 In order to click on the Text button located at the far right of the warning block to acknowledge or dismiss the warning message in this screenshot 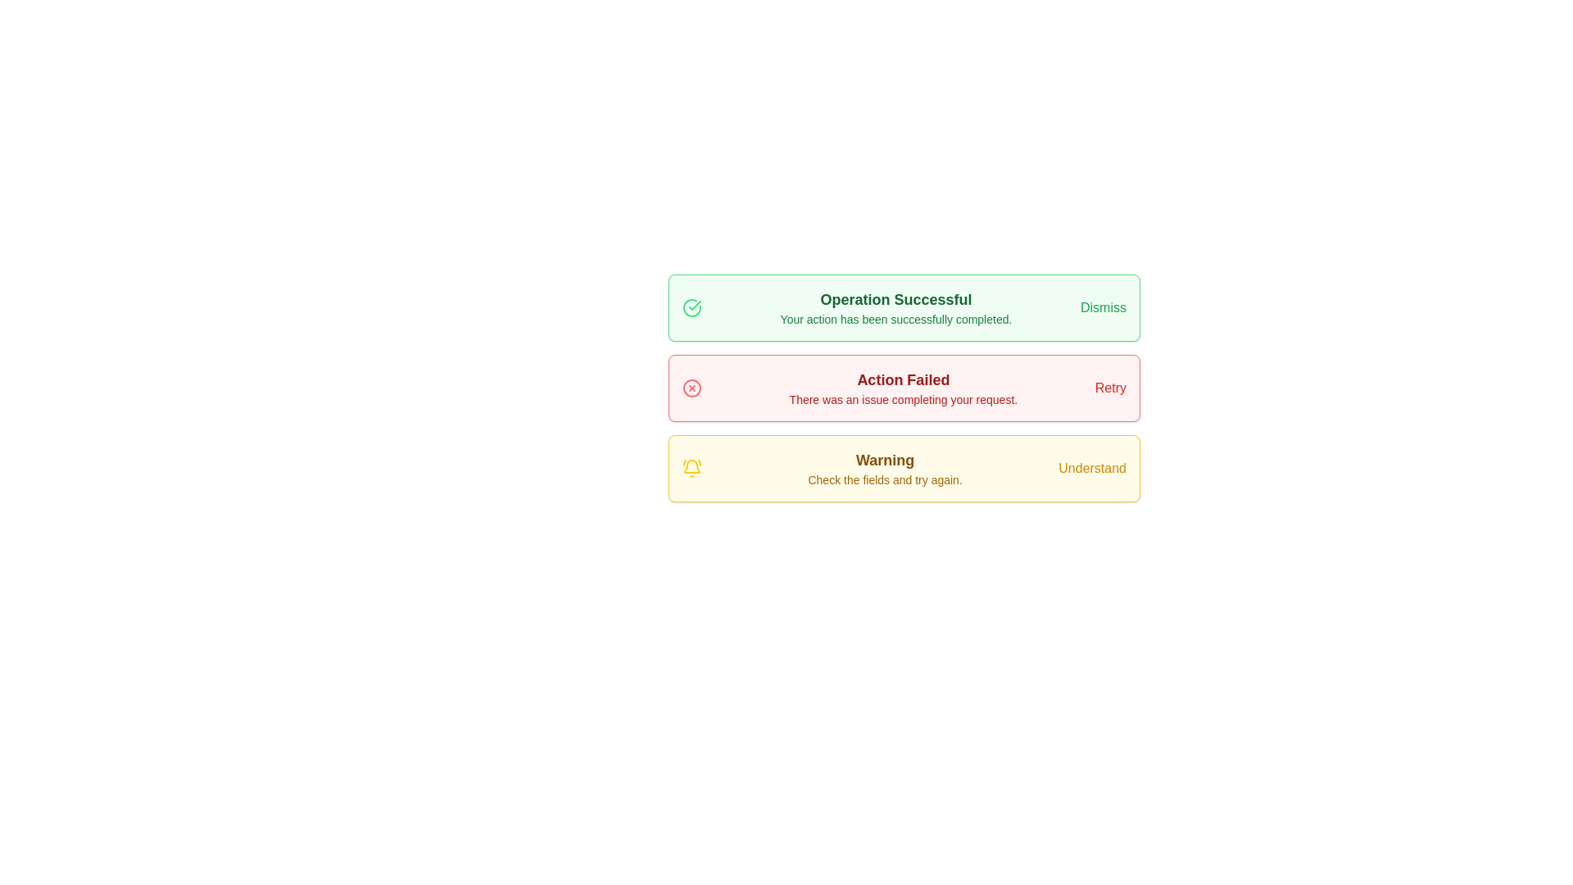, I will do `click(1092, 468)`.